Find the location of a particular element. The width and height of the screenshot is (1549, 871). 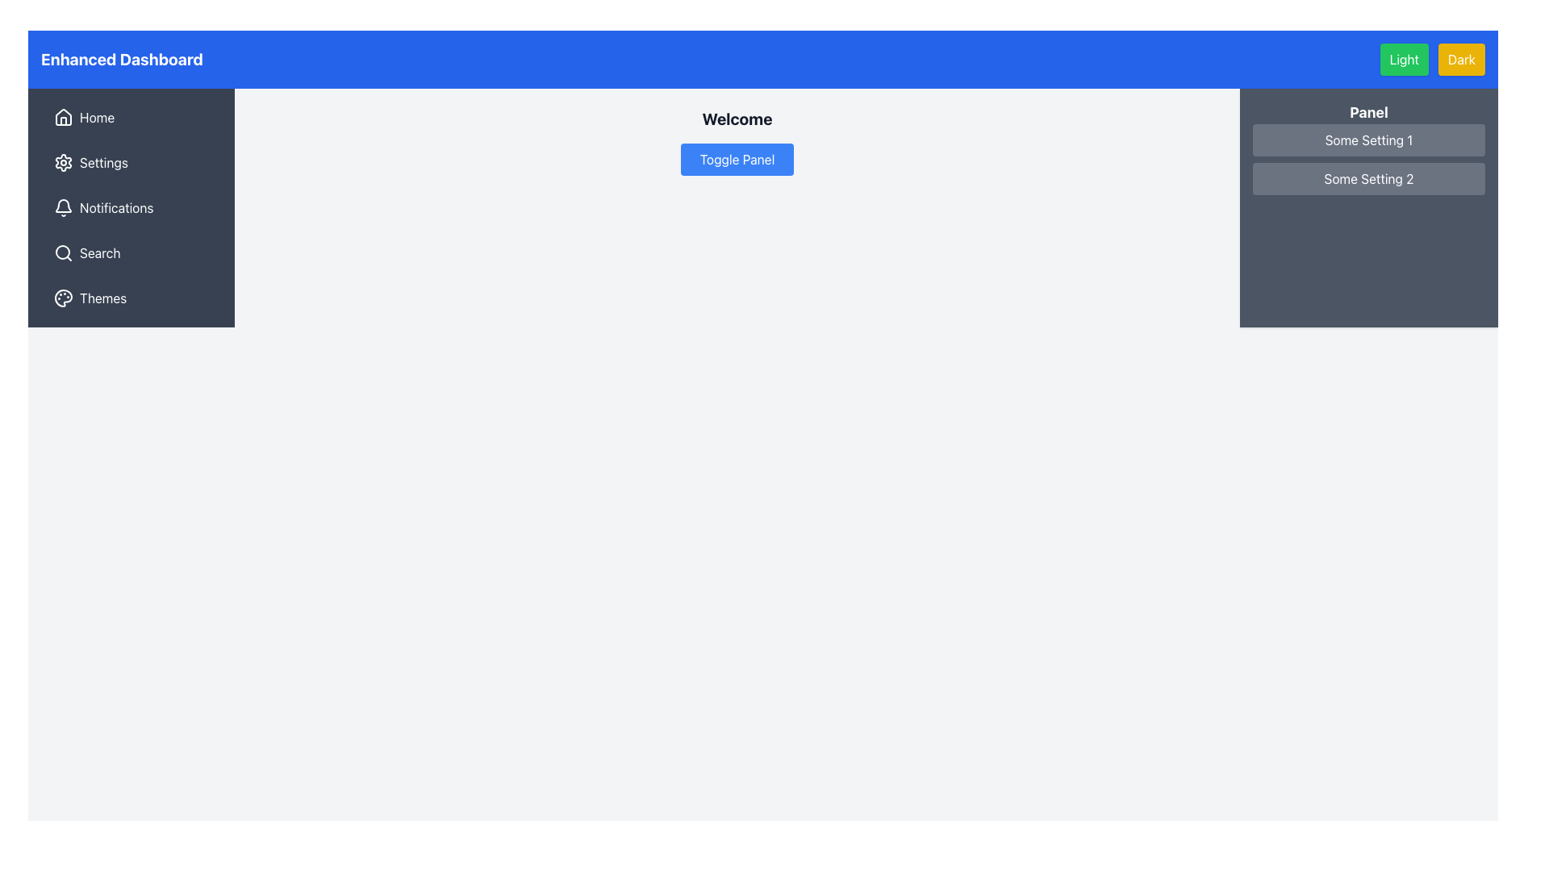

text from the 'Search' label in the navigation panel, which is the fourth item below the 'Notifications' menu item is located at coordinates (99, 252).